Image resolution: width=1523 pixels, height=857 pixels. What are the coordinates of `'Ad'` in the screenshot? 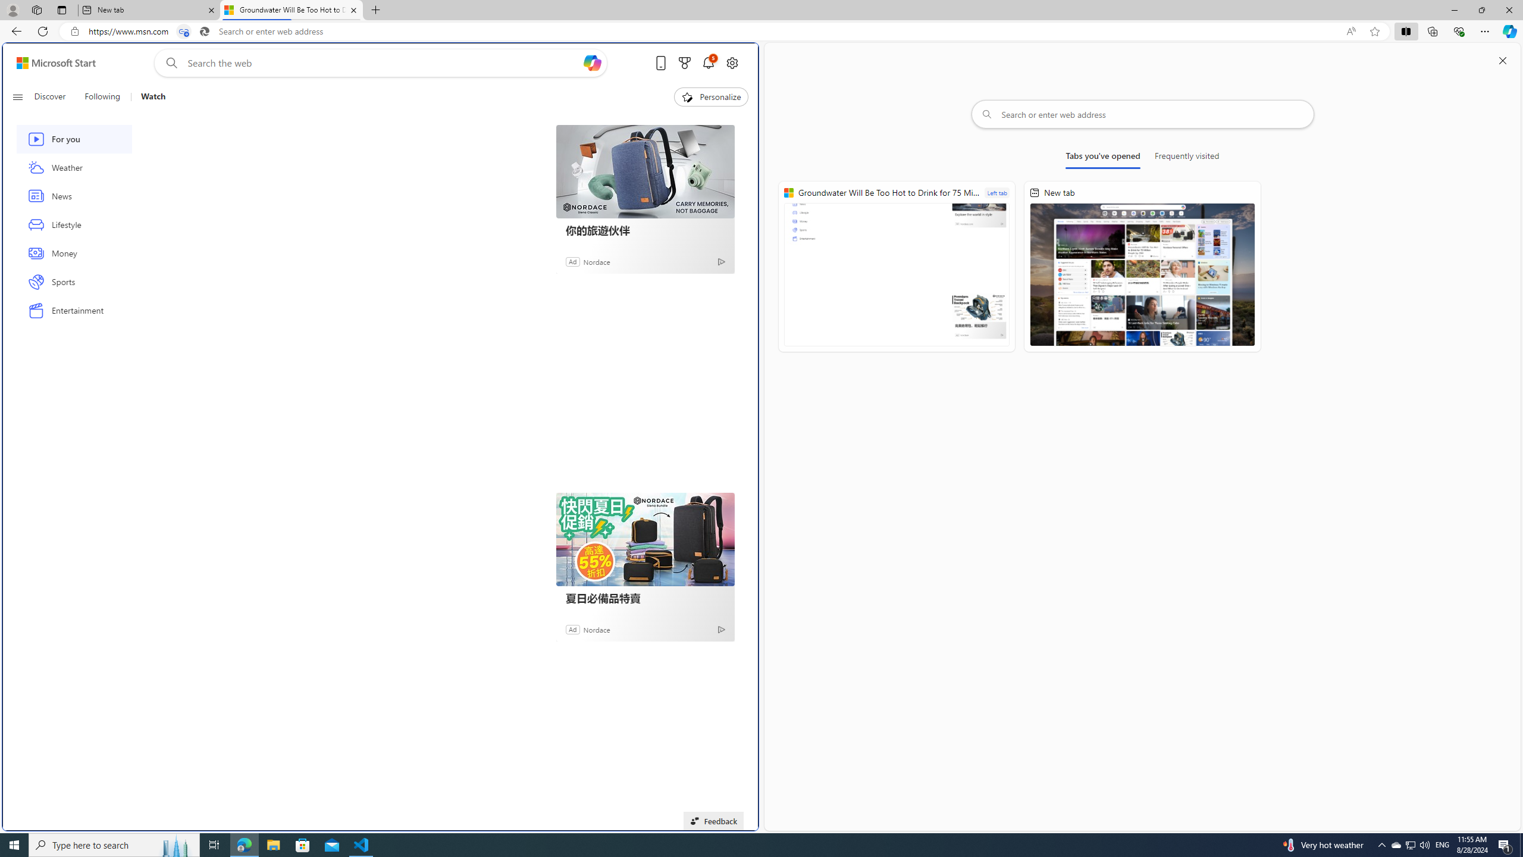 It's located at (572, 628).